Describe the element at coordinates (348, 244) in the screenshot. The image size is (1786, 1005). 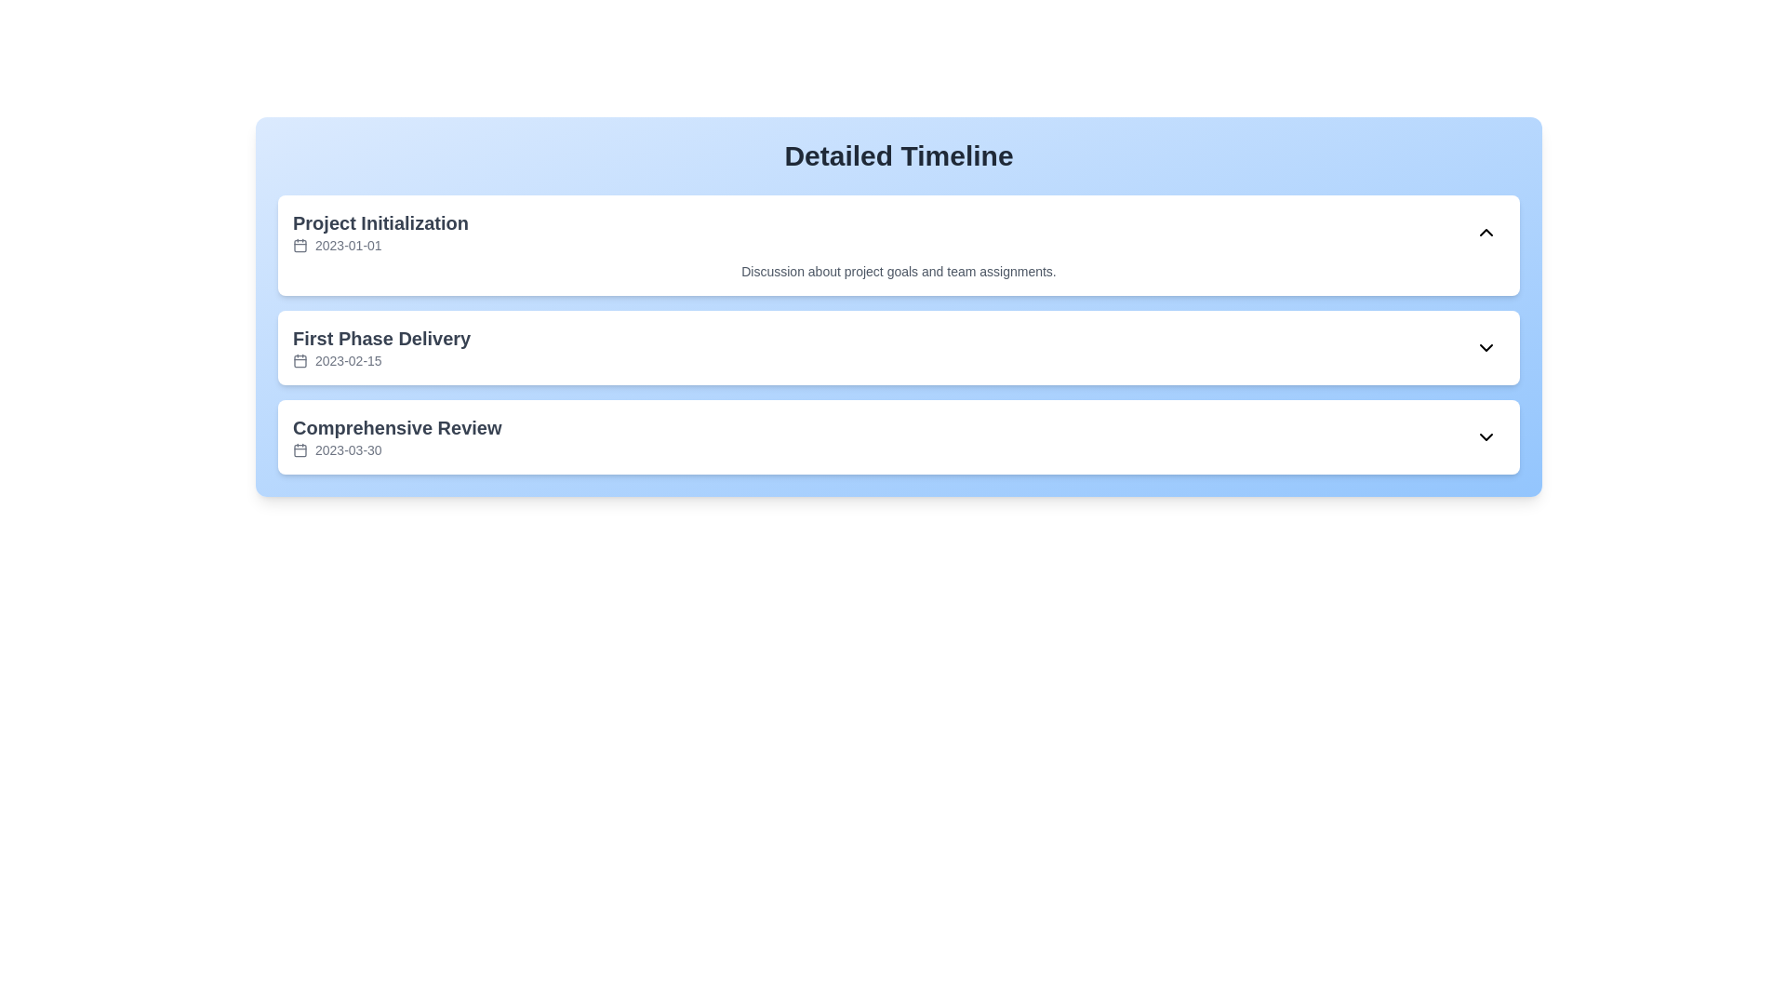
I see `the text label indicating the date related to the 'Project Initialization' milestone, located to the right of the calendar icon` at that location.